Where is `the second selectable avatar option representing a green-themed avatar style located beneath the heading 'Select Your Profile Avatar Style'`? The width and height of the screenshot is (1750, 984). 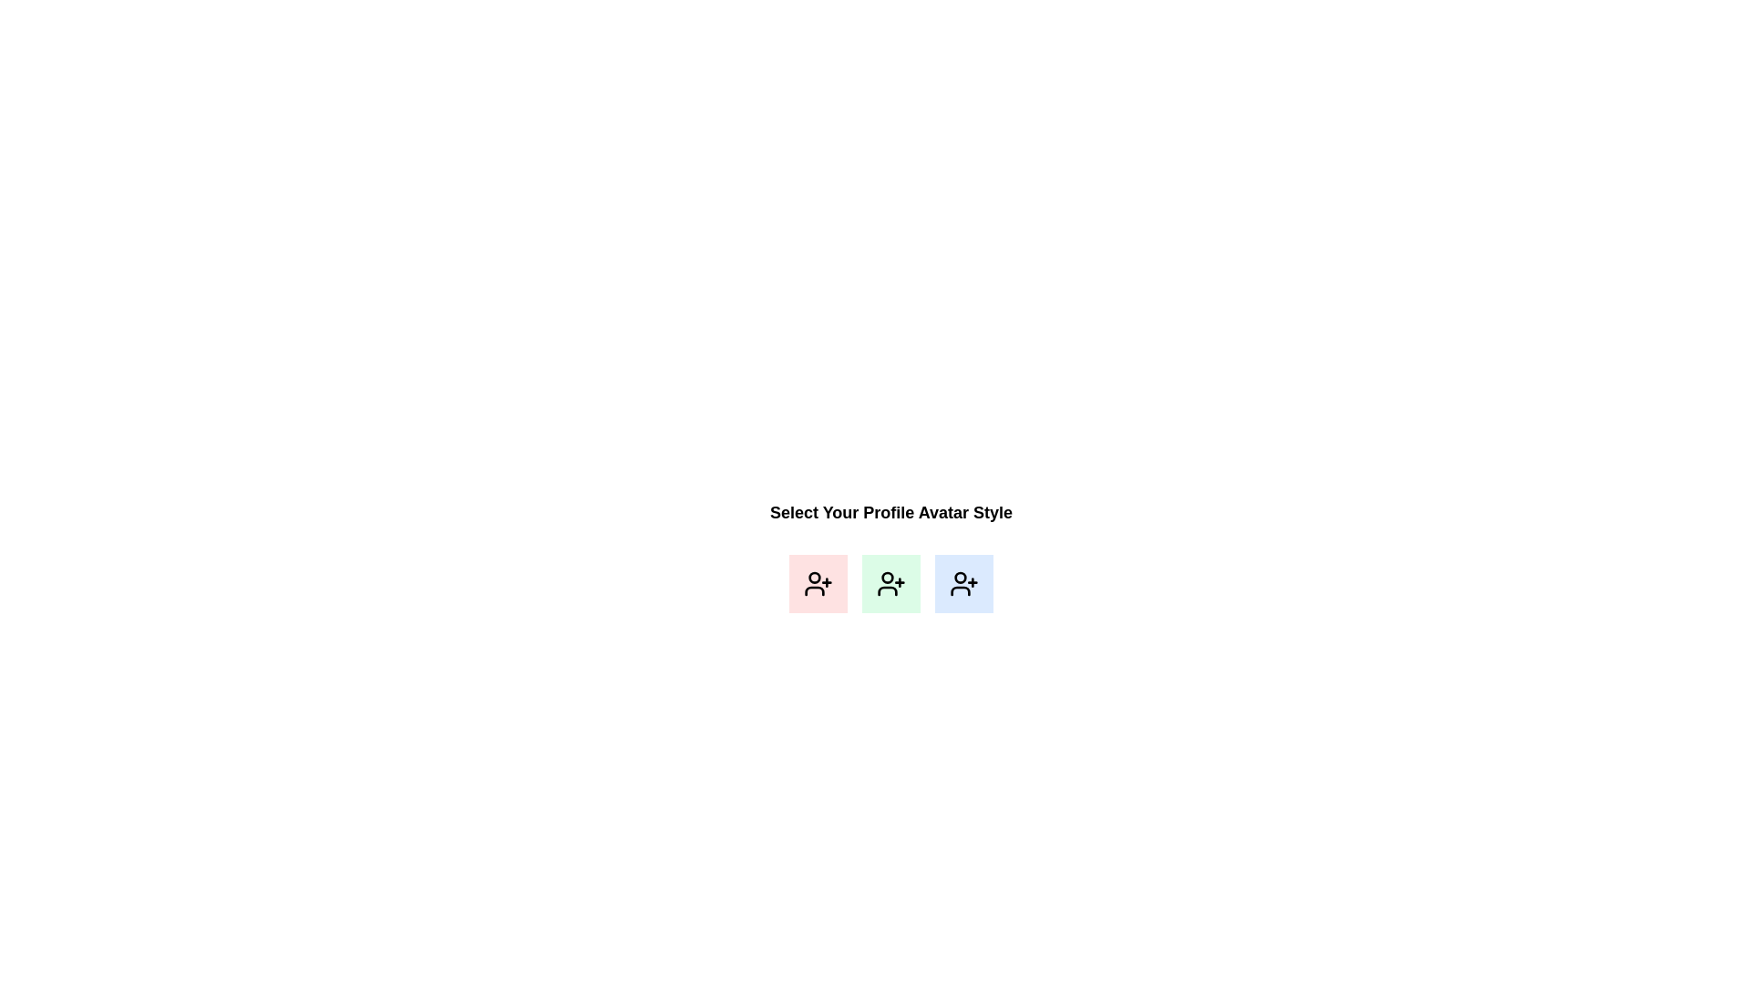
the second selectable avatar option representing a green-themed avatar style located beneath the heading 'Select Your Profile Avatar Style' is located at coordinates (891, 583).